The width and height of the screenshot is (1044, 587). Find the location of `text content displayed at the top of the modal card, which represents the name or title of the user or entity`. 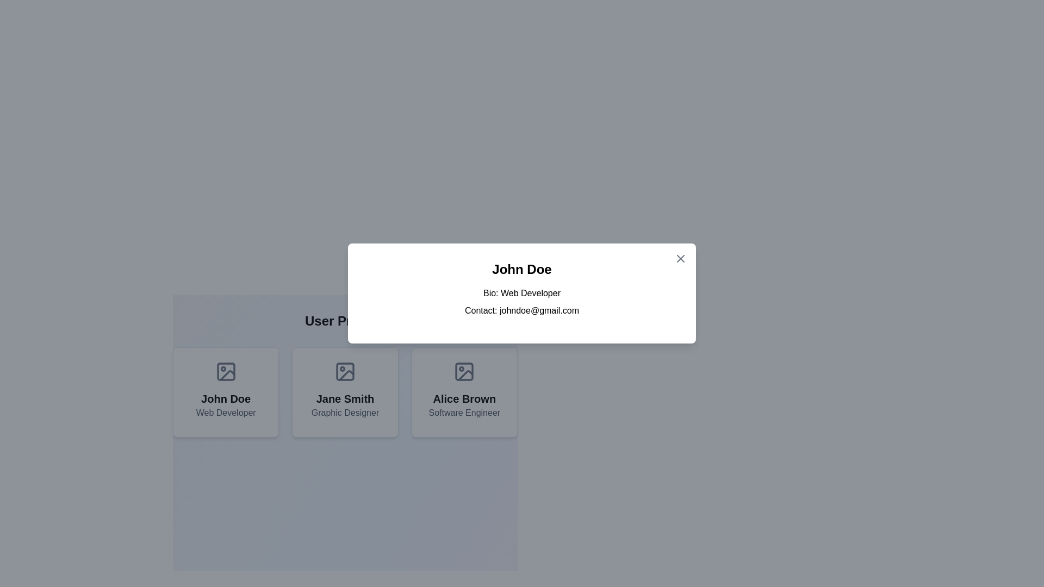

text content displayed at the top of the modal card, which represents the name or title of the user or entity is located at coordinates (522, 269).